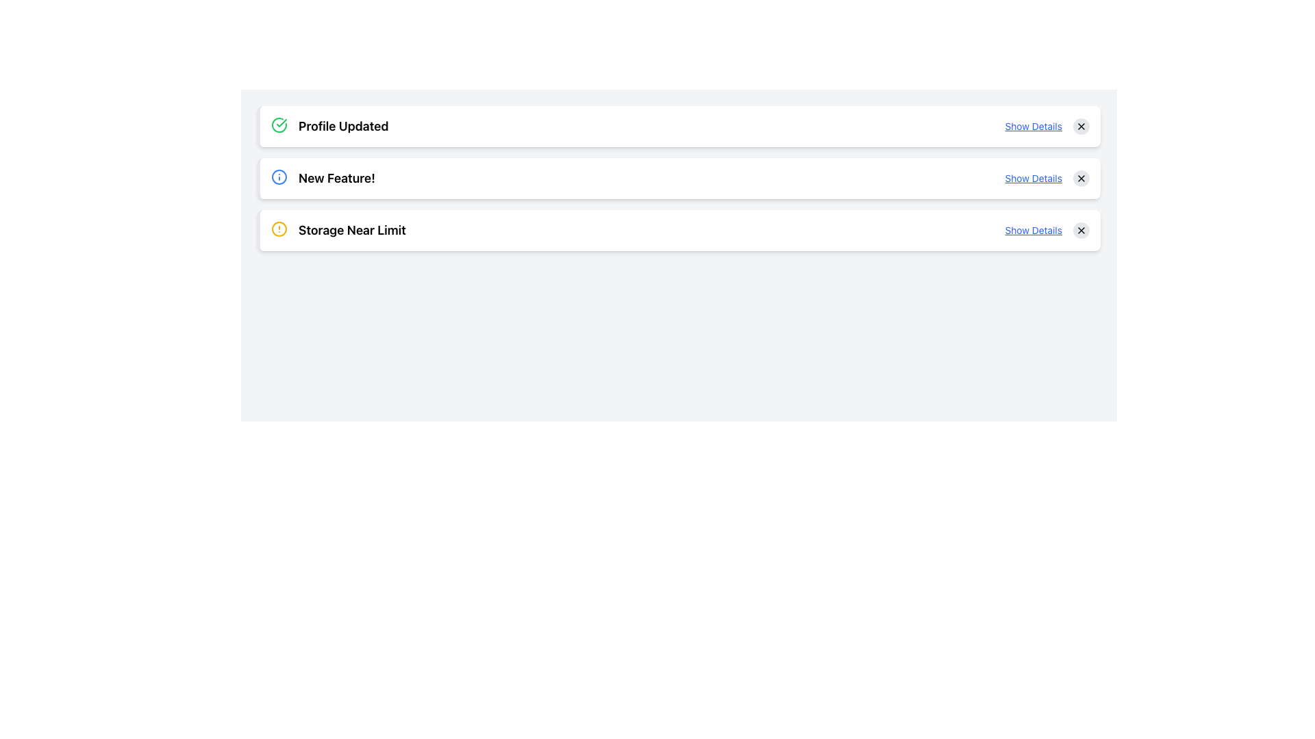 Image resolution: width=1315 pixels, height=739 pixels. Describe the element at coordinates (1034, 178) in the screenshot. I see `the text link styled in a smaller font size, underlined, and blue color located in the second card of the list` at that location.